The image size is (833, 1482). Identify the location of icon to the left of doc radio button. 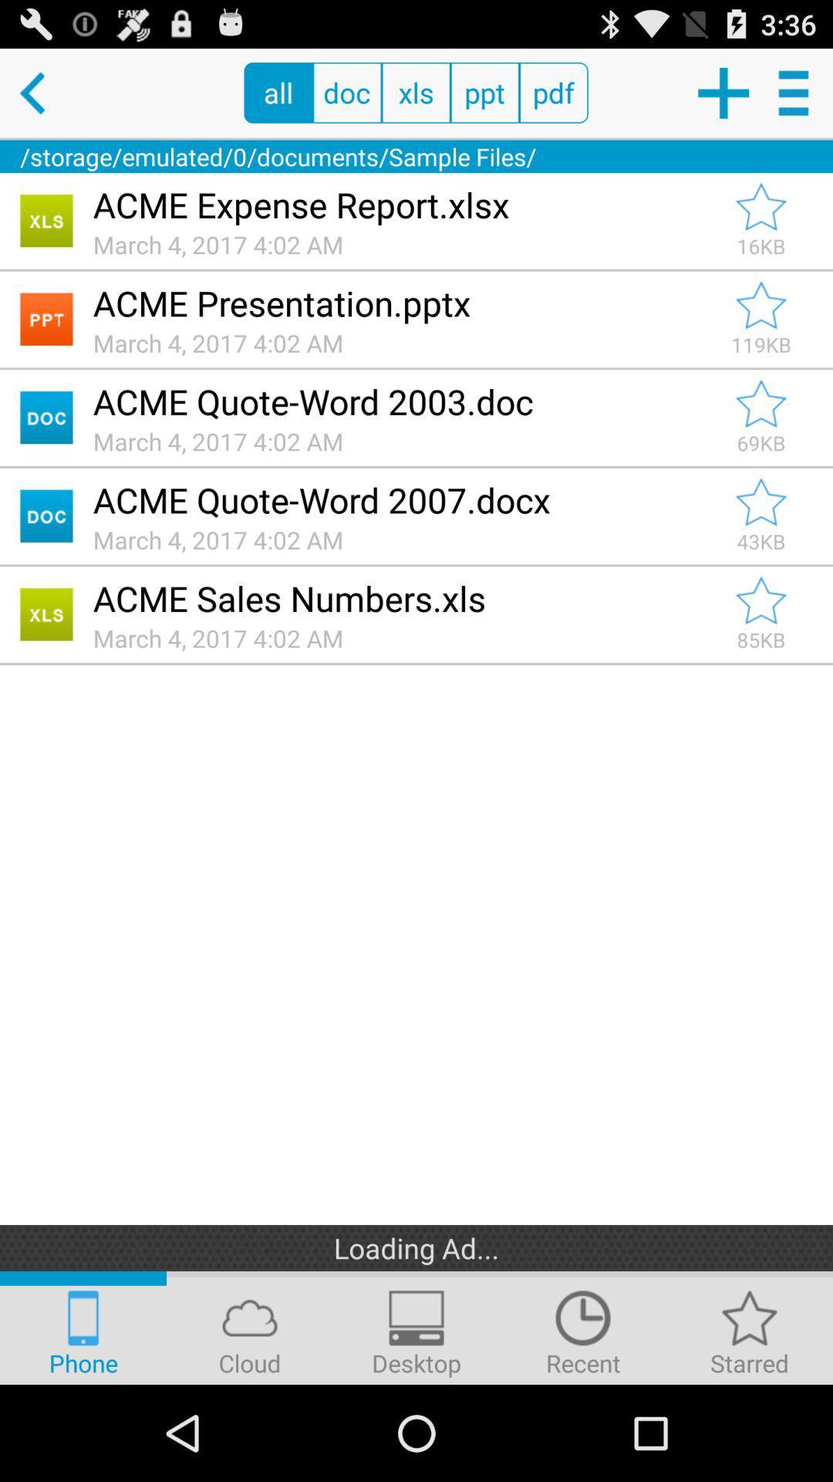
(278, 92).